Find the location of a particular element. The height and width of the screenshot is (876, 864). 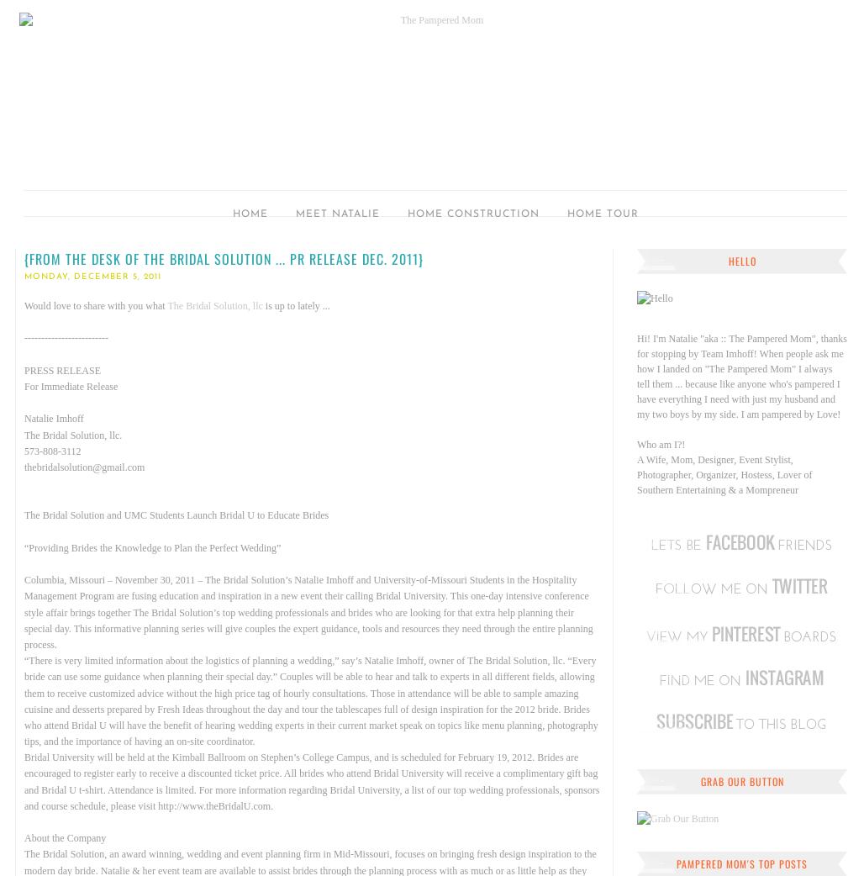

'Bridal University will be held at the Kimball Ballroom on Stephen’s College Campus, and is scheduled for February 19, 2012. Brides are encouraged to register early to receive a discounted ticket price.  All brides who attend Bridal University will receive a complimentary gift bag and Bridal U t-shirt.  Attendance is limited.  For more information regarding Bridal University, a list of our top wedding professionals, sponsors and course schedule, please visit http://www.theBridalU.com.' is located at coordinates (311, 780).